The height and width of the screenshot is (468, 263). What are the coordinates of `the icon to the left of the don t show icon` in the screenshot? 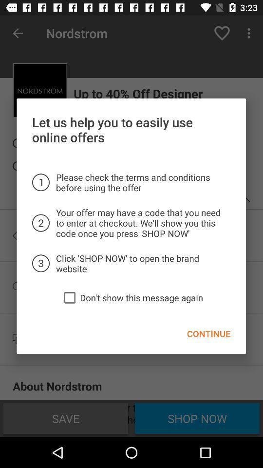 It's located at (69, 297).